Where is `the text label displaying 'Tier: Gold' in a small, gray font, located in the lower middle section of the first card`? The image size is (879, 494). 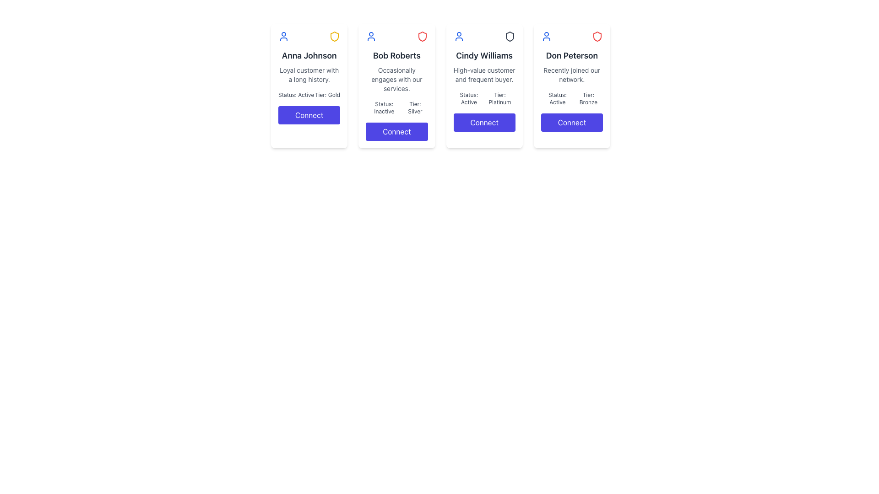
the text label displaying 'Tier: Gold' in a small, gray font, located in the lower middle section of the first card is located at coordinates (327, 95).